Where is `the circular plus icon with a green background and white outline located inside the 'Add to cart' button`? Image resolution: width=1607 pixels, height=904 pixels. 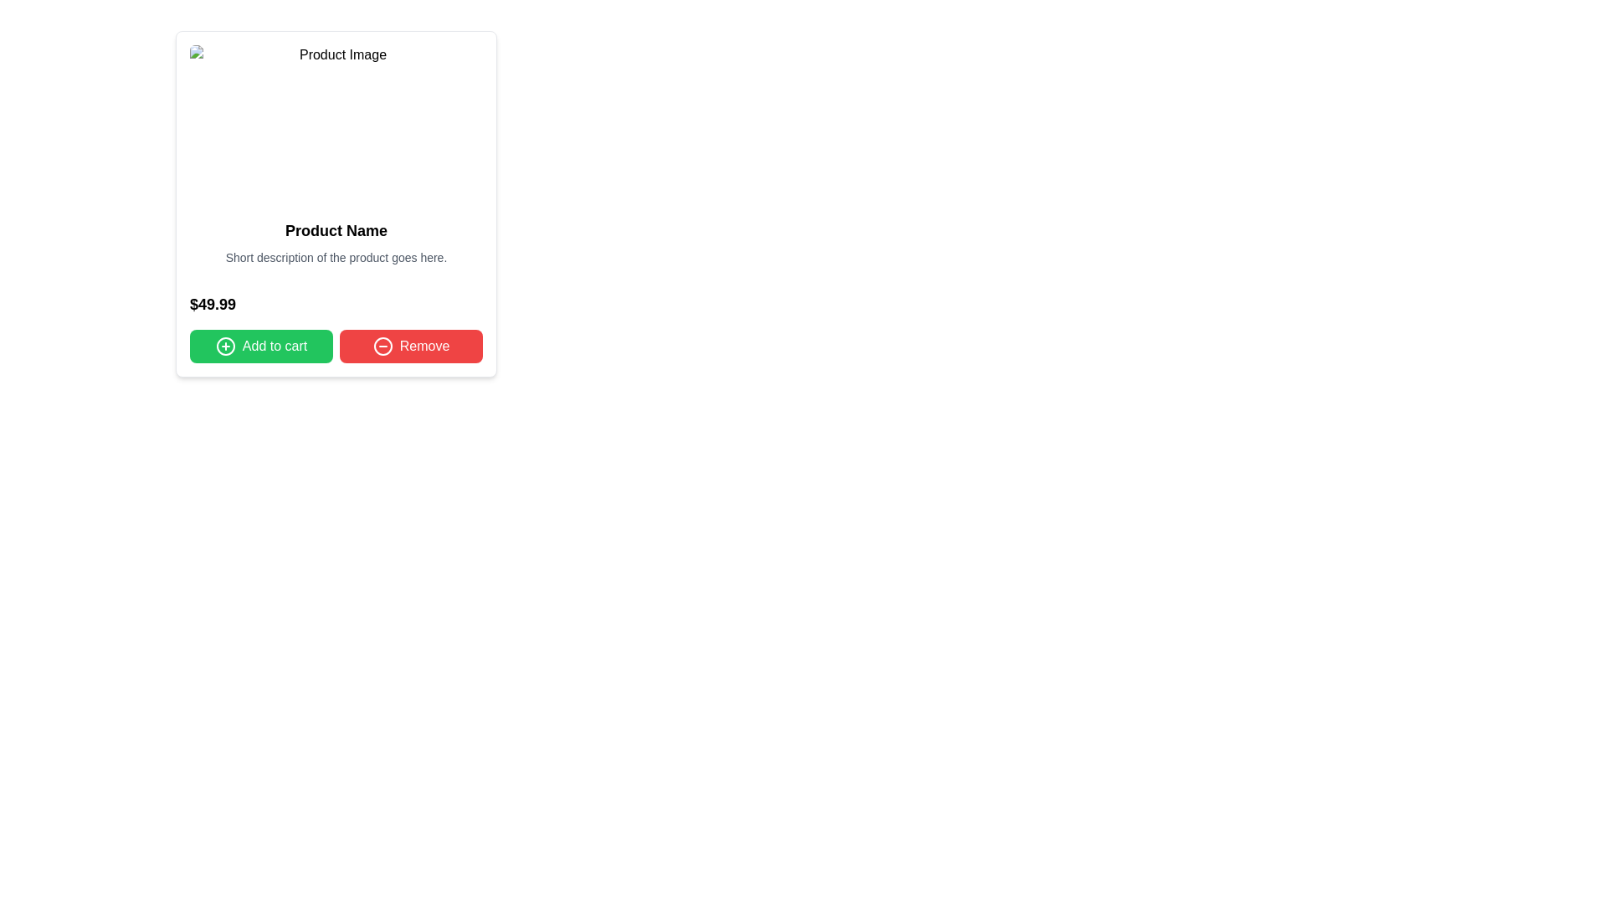 the circular plus icon with a green background and white outline located inside the 'Add to cart' button is located at coordinates (224, 345).